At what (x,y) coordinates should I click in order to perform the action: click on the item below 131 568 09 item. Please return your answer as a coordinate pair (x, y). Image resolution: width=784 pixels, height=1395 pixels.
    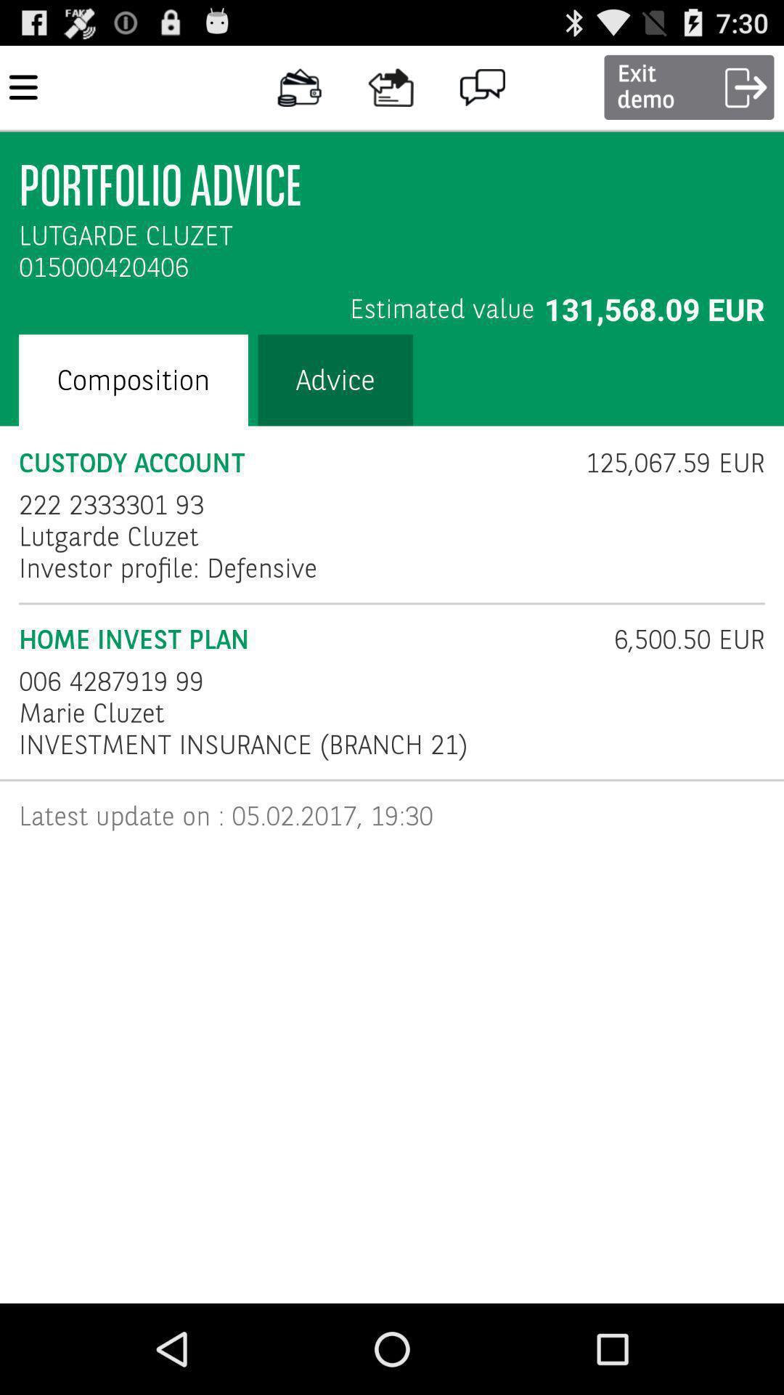
    Looking at the image, I should click on (666, 462).